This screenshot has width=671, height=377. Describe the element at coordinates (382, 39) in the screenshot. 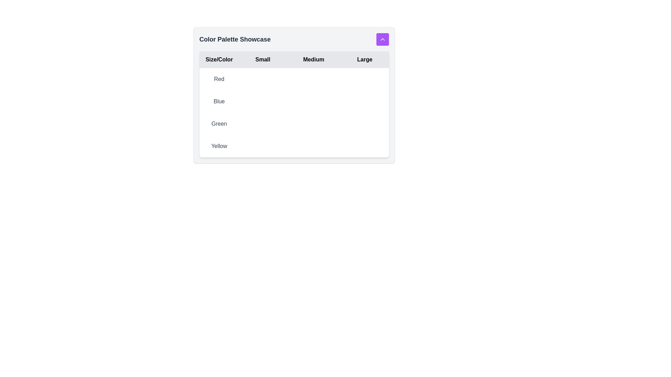

I see `the chevron indicator button located at the top-right corner of the 'Color Palette Showcase' card, which serves as an expandable or collapsible control` at that location.